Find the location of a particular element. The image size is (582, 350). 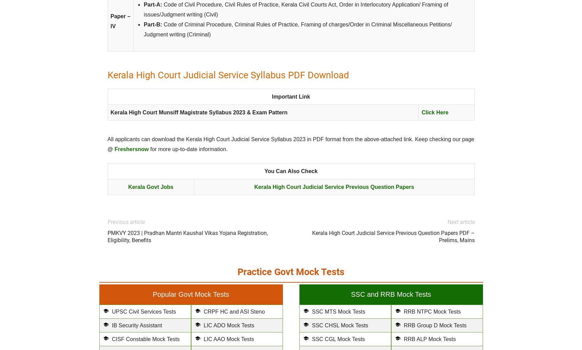

'Paper – IV' is located at coordinates (120, 21).